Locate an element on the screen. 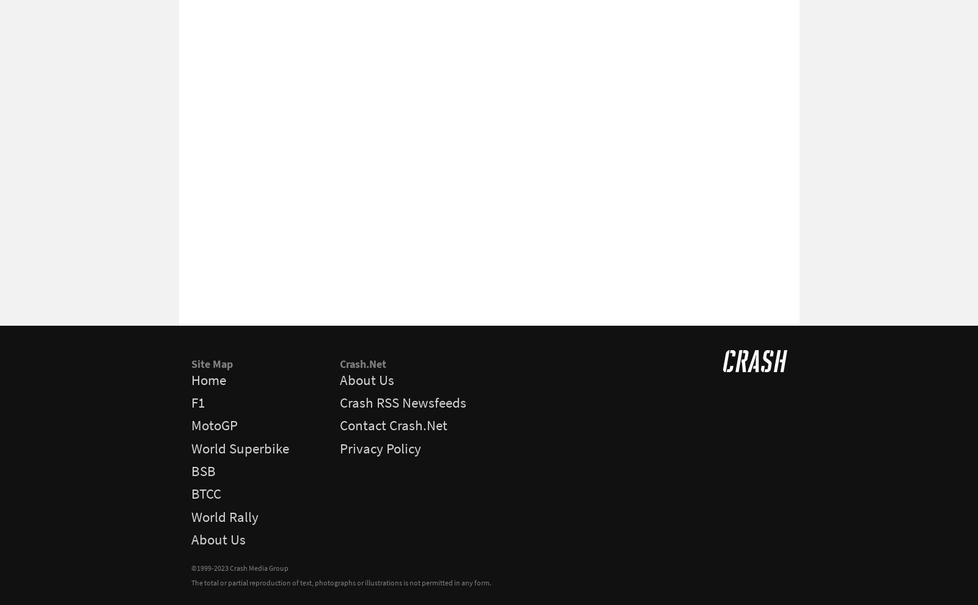  'World Superbike' is located at coordinates (191, 447).